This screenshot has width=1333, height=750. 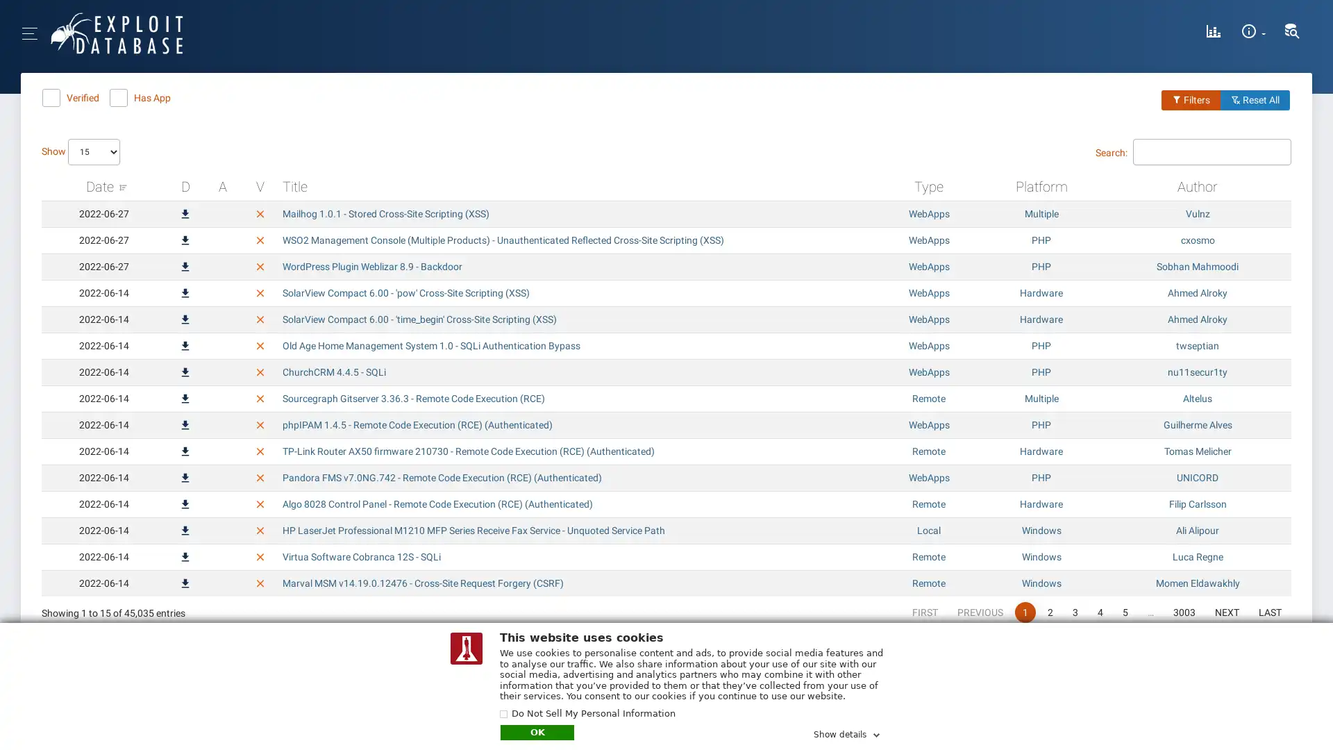 What do you see at coordinates (1190, 99) in the screenshot?
I see `Filters` at bounding box center [1190, 99].